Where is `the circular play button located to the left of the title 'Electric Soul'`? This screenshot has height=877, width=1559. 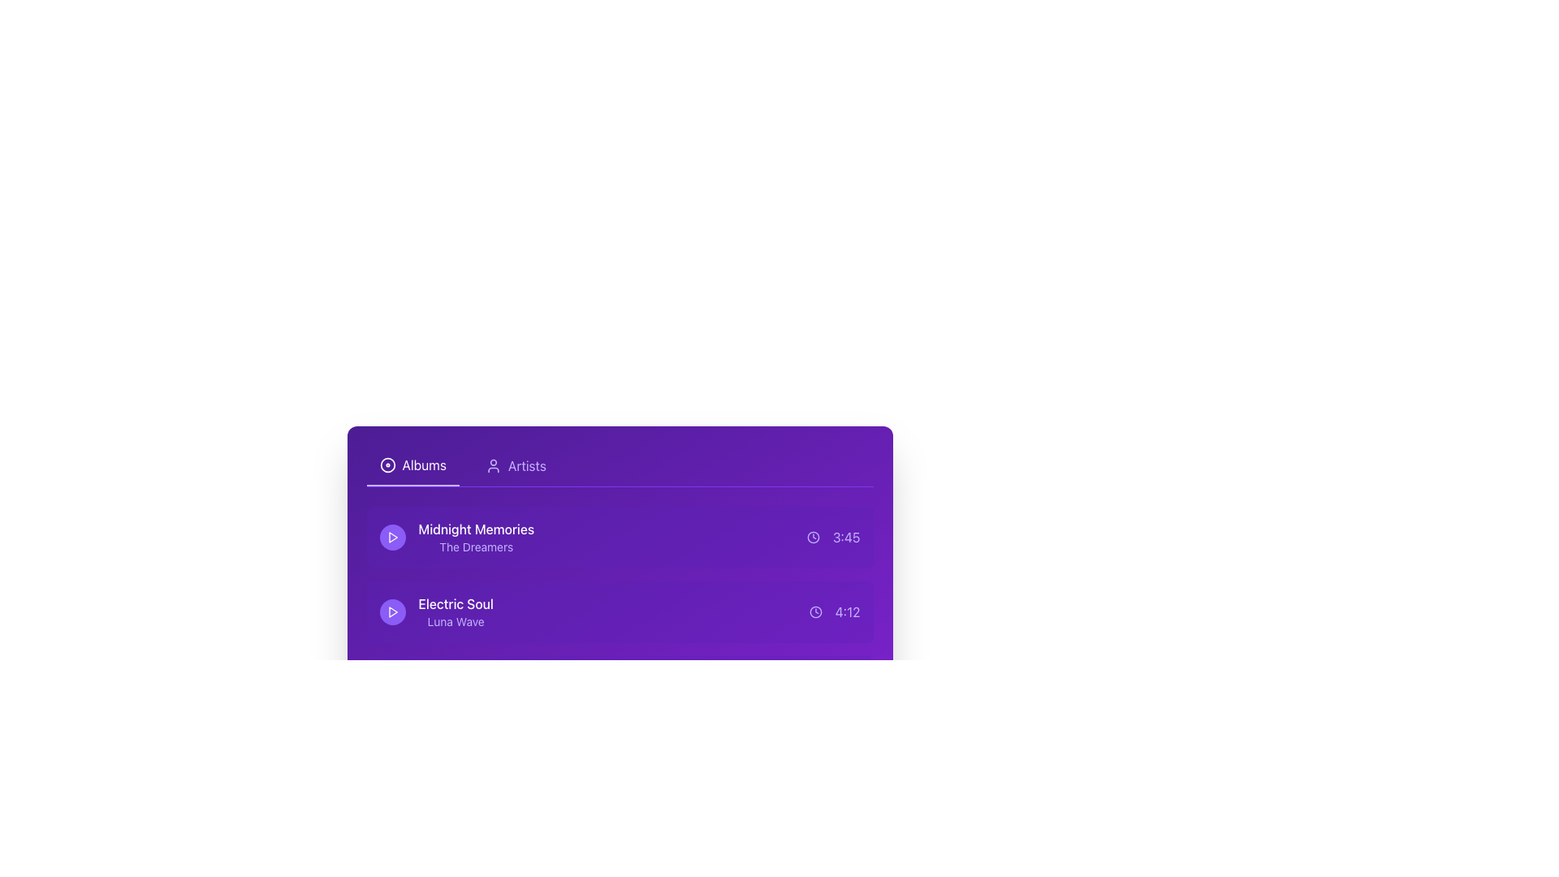 the circular play button located to the left of the title 'Electric Soul' is located at coordinates (392, 611).